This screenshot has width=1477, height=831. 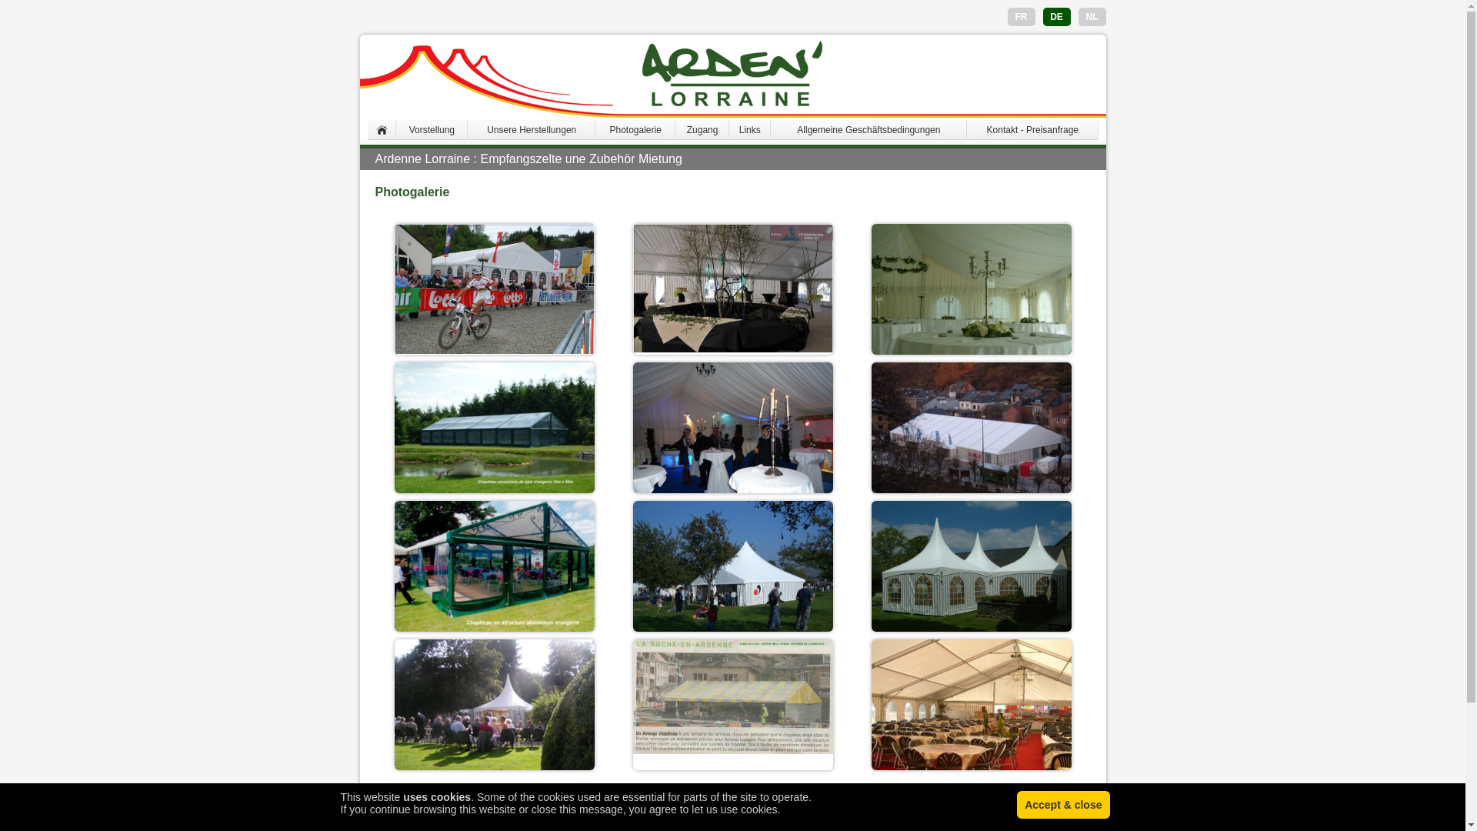 I want to click on 'Accept & close', so click(x=1016, y=803).